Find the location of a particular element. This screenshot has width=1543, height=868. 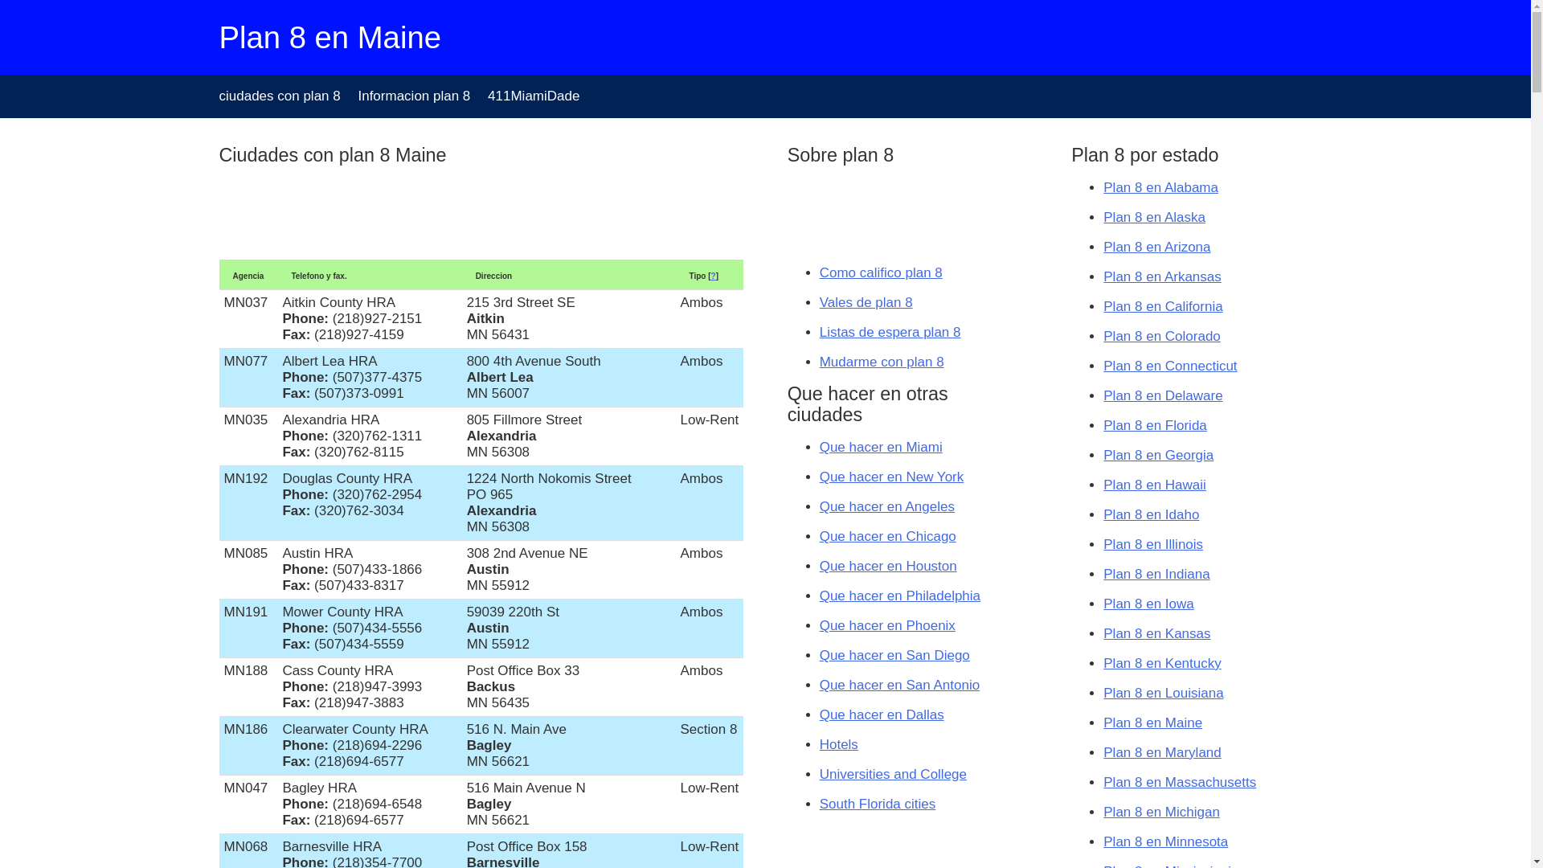

'Mower County HRA' is located at coordinates (281, 612).